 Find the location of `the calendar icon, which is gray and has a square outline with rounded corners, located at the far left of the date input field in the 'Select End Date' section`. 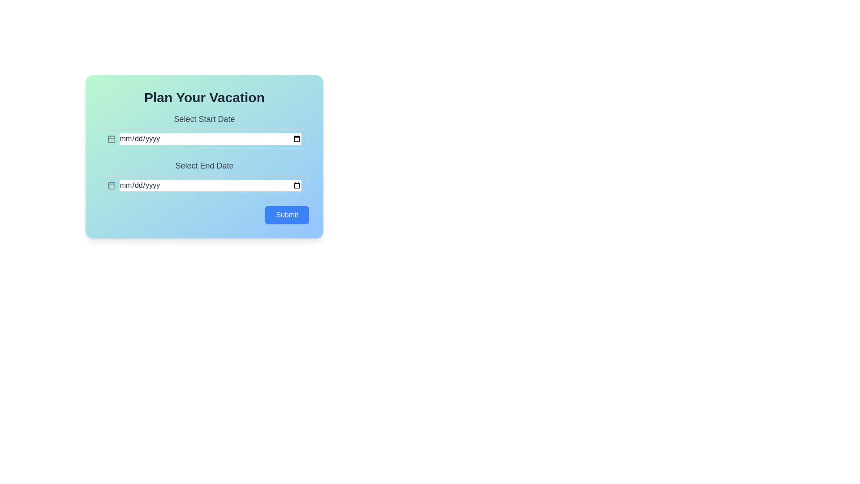

the calendar icon, which is gray and has a square outline with rounded corners, located at the far left of the date input field in the 'Select End Date' section is located at coordinates (111, 185).